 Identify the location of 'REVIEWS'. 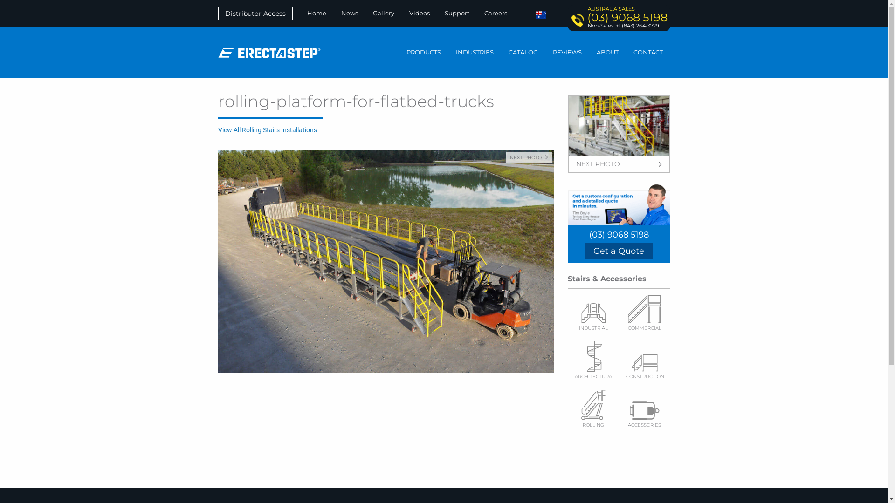
(567, 52).